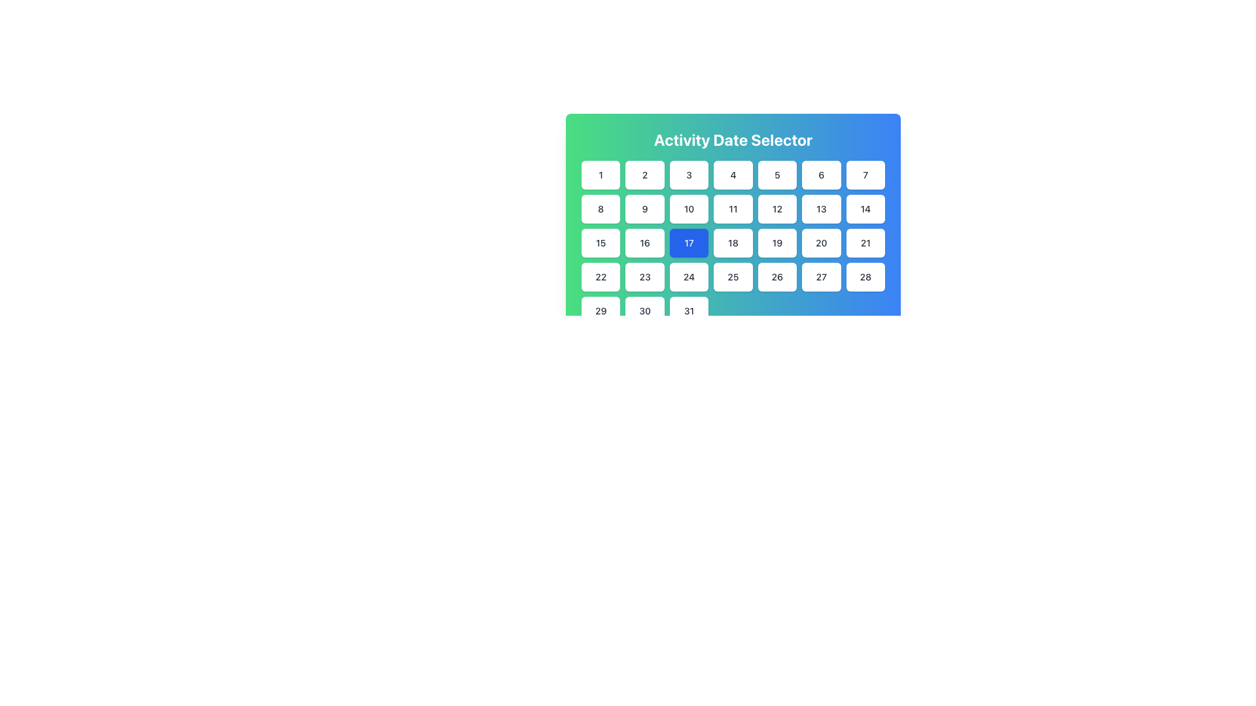  Describe the element at coordinates (600, 311) in the screenshot. I see `the 29th button in the date selector grid layout located in the bottom-left corner` at that location.